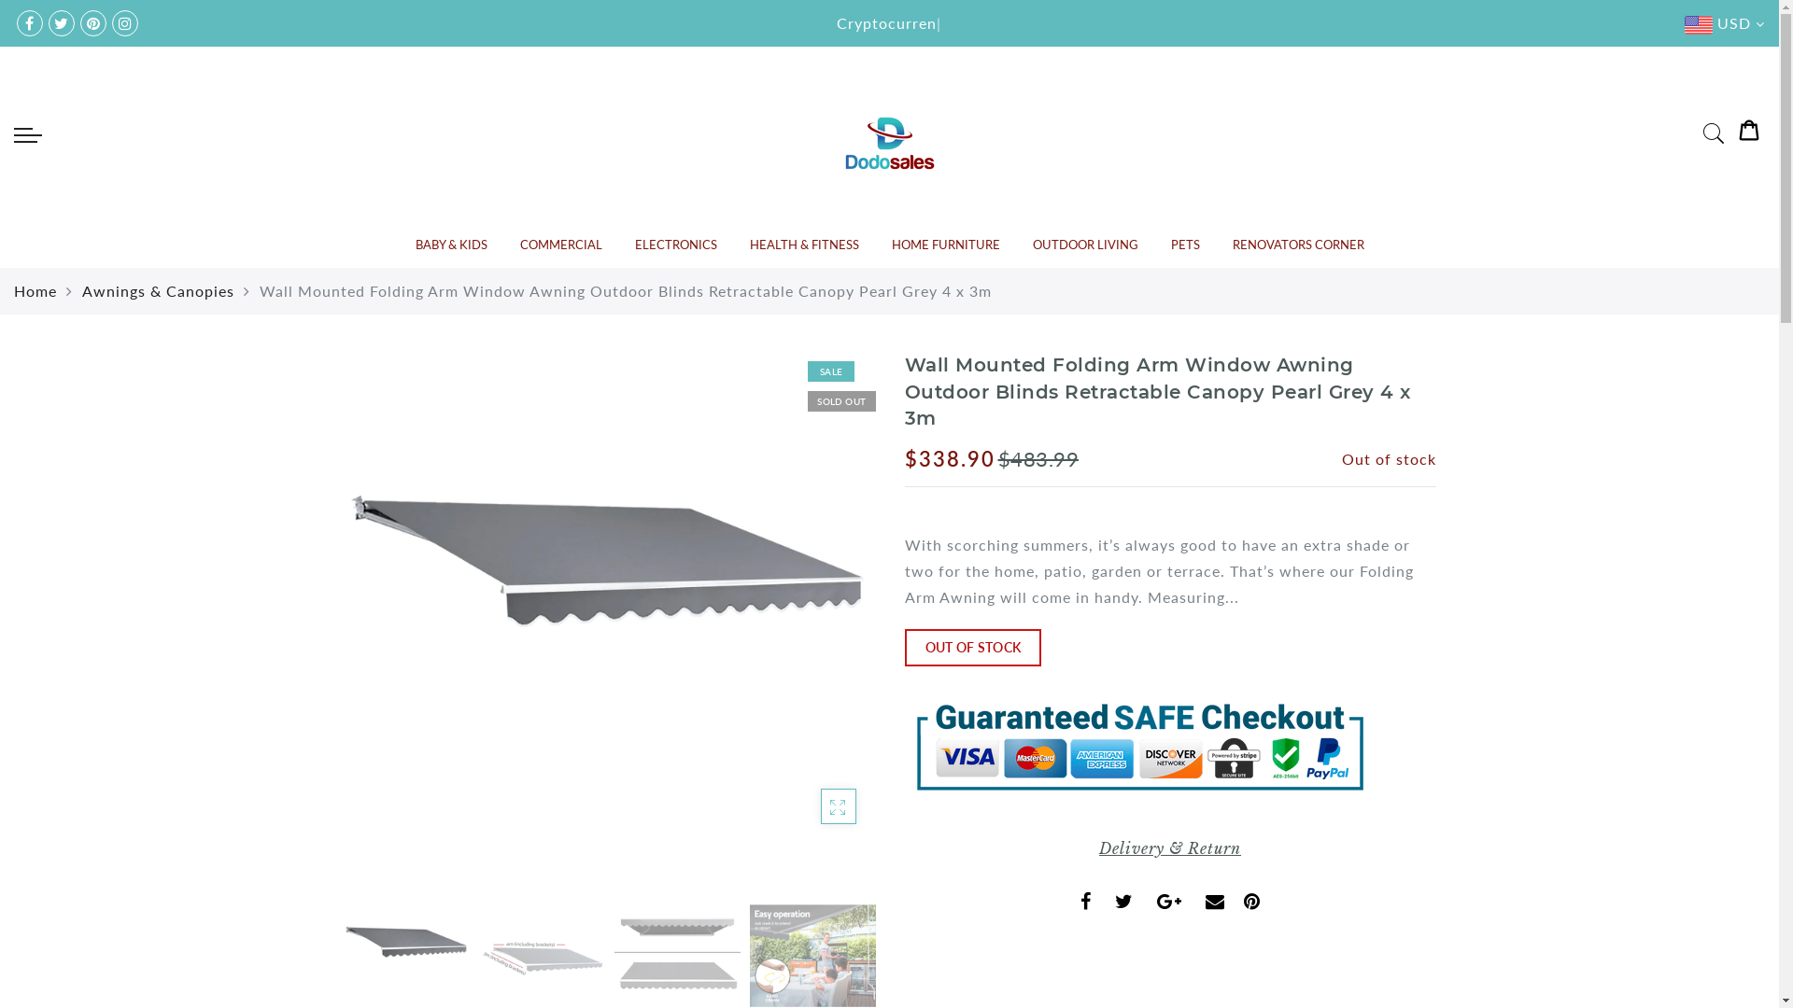 The image size is (1793, 1008). What do you see at coordinates (80, 290) in the screenshot?
I see `'Awnings & Canopies'` at bounding box center [80, 290].